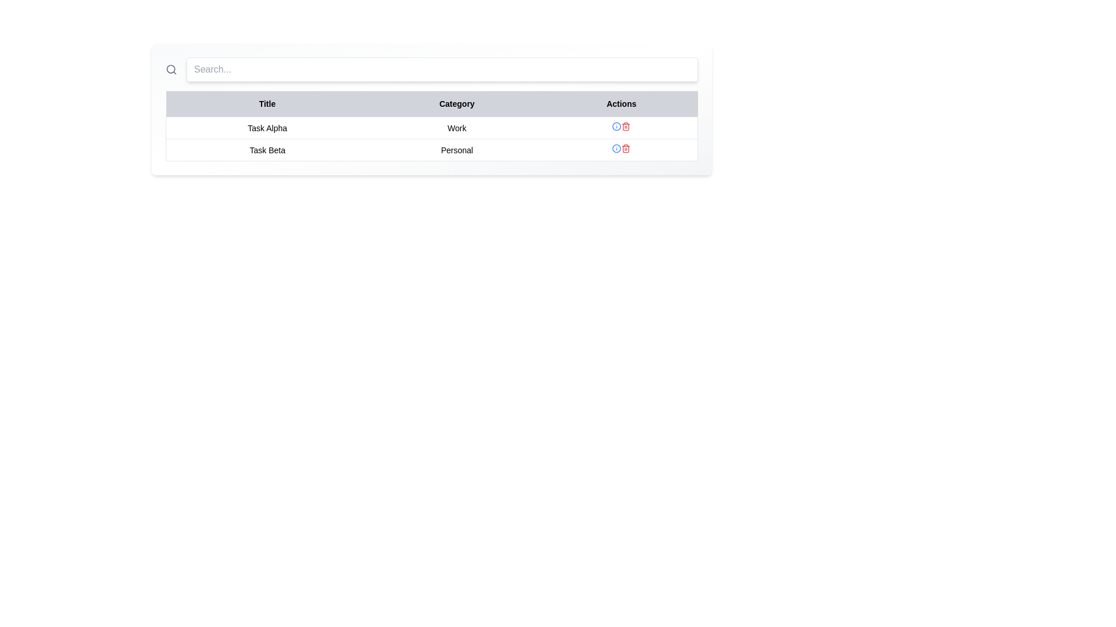  Describe the element at coordinates (267, 103) in the screenshot. I see `text from the Label that displays 'Title', which is located at the upper left of the header row in a table-like layout` at that location.